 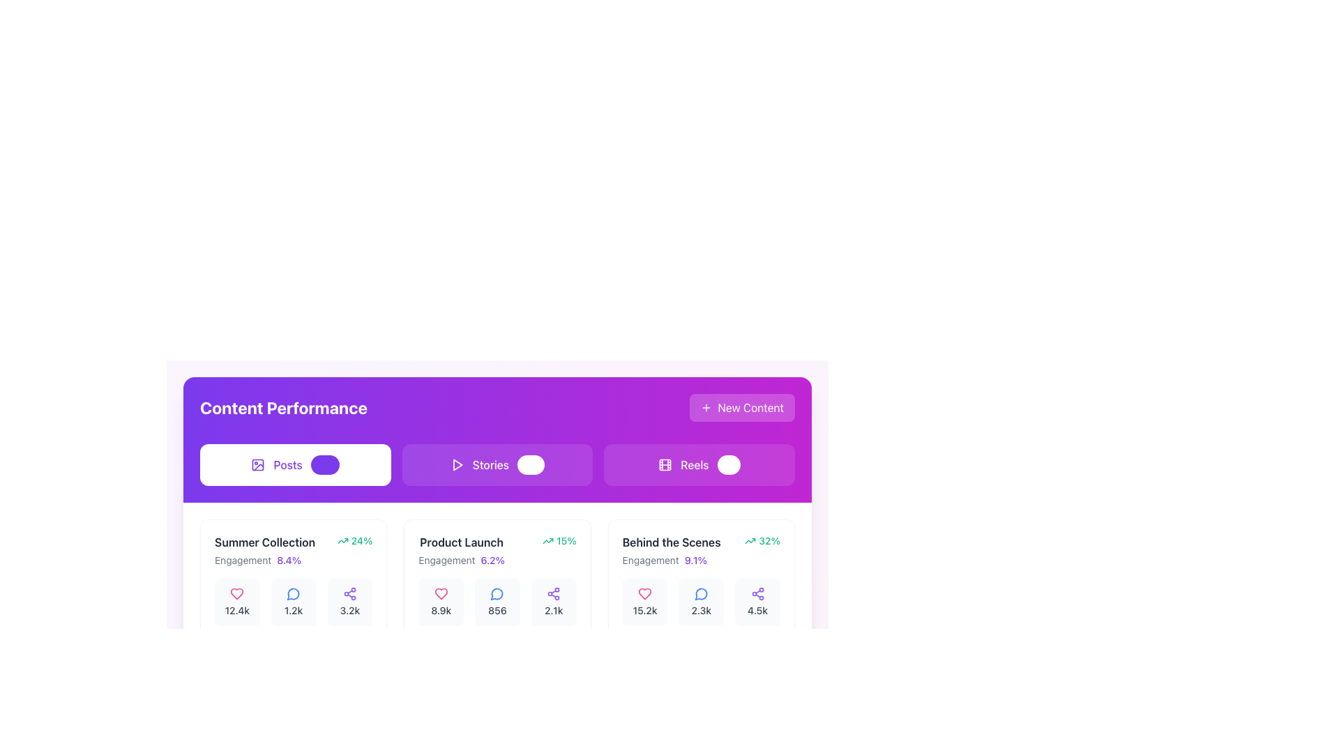 I want to click on the 'Reels' button, so click(x=699, y=465).